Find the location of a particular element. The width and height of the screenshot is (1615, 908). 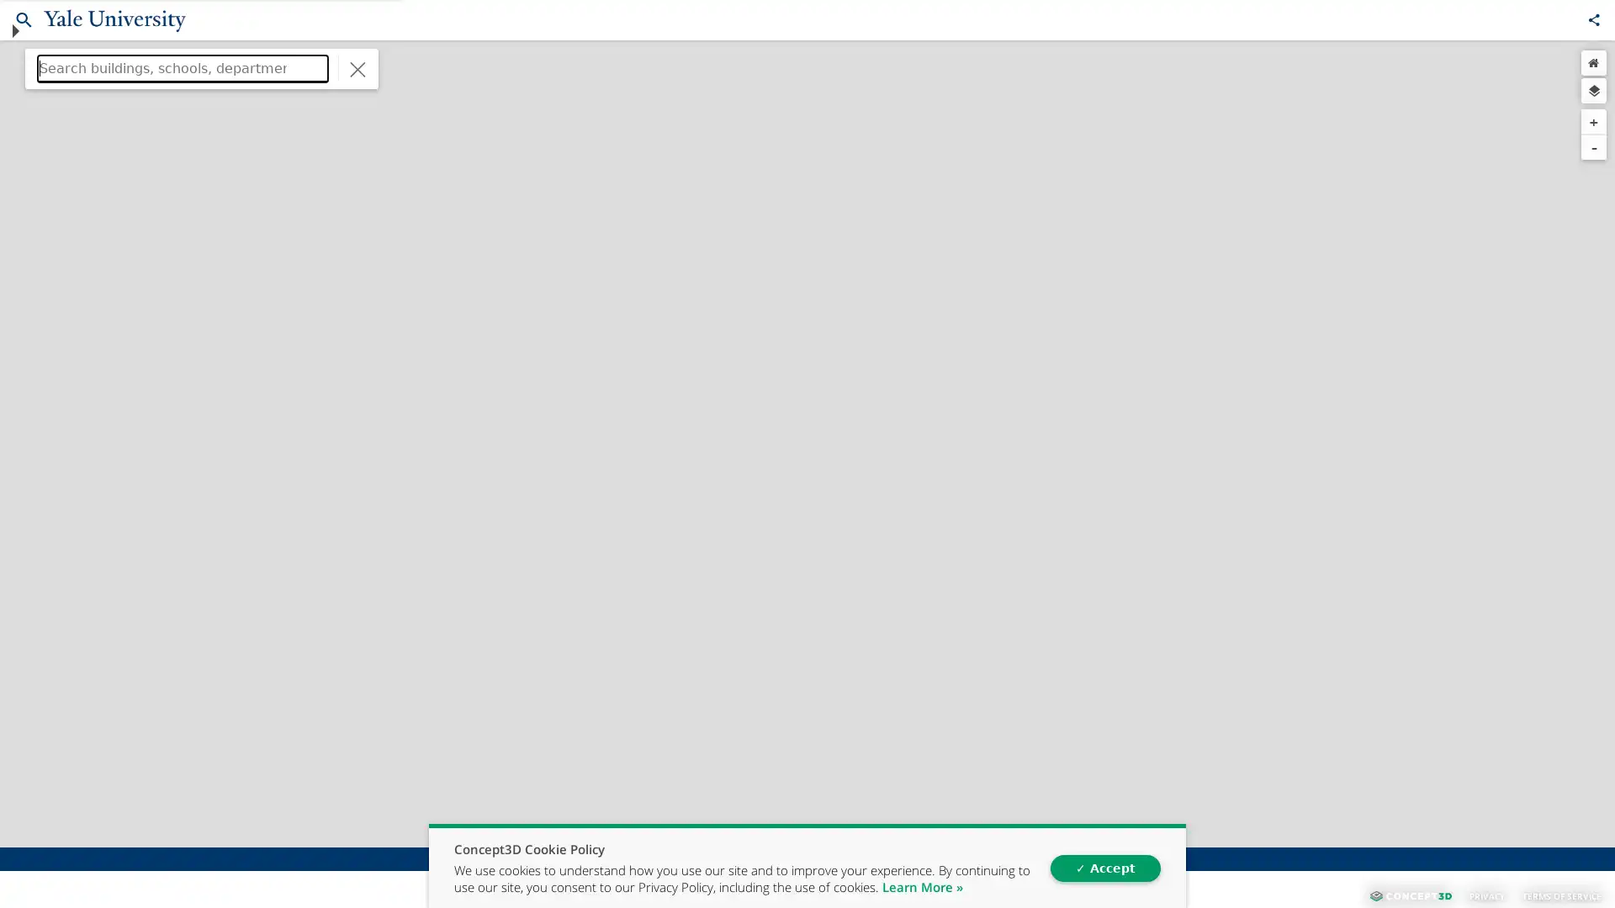

Close search is located at coordinates (357, 67).